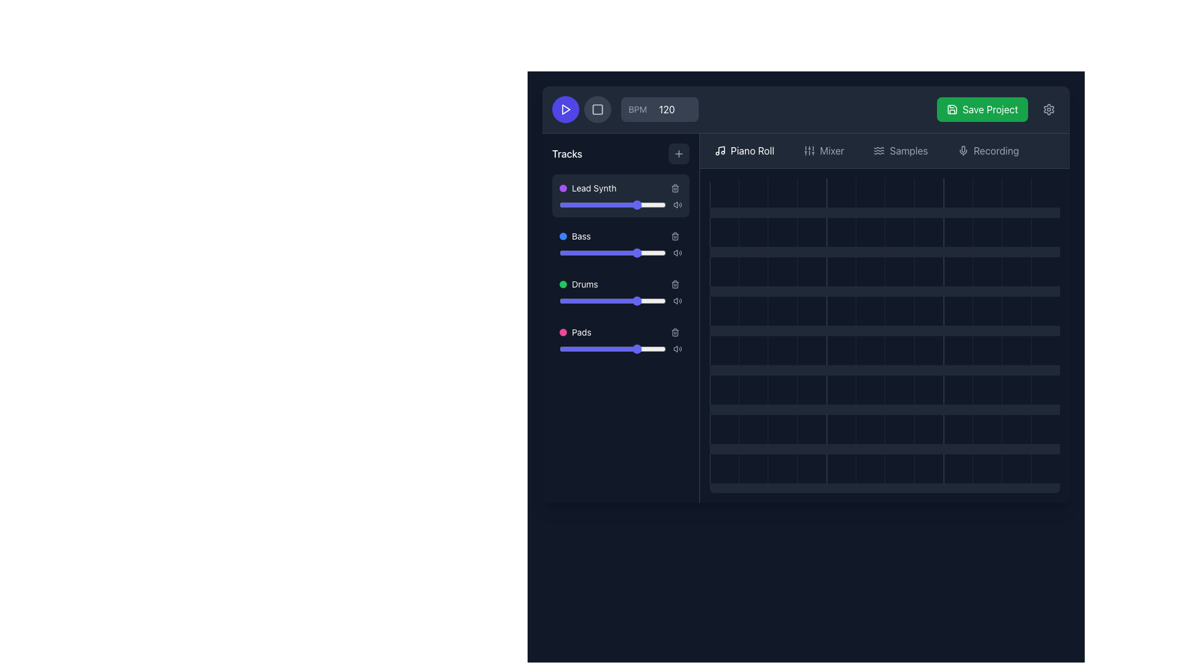  Describe the element at coordinates (583, 301) in the screenshot. I see `the slider value` at that location.